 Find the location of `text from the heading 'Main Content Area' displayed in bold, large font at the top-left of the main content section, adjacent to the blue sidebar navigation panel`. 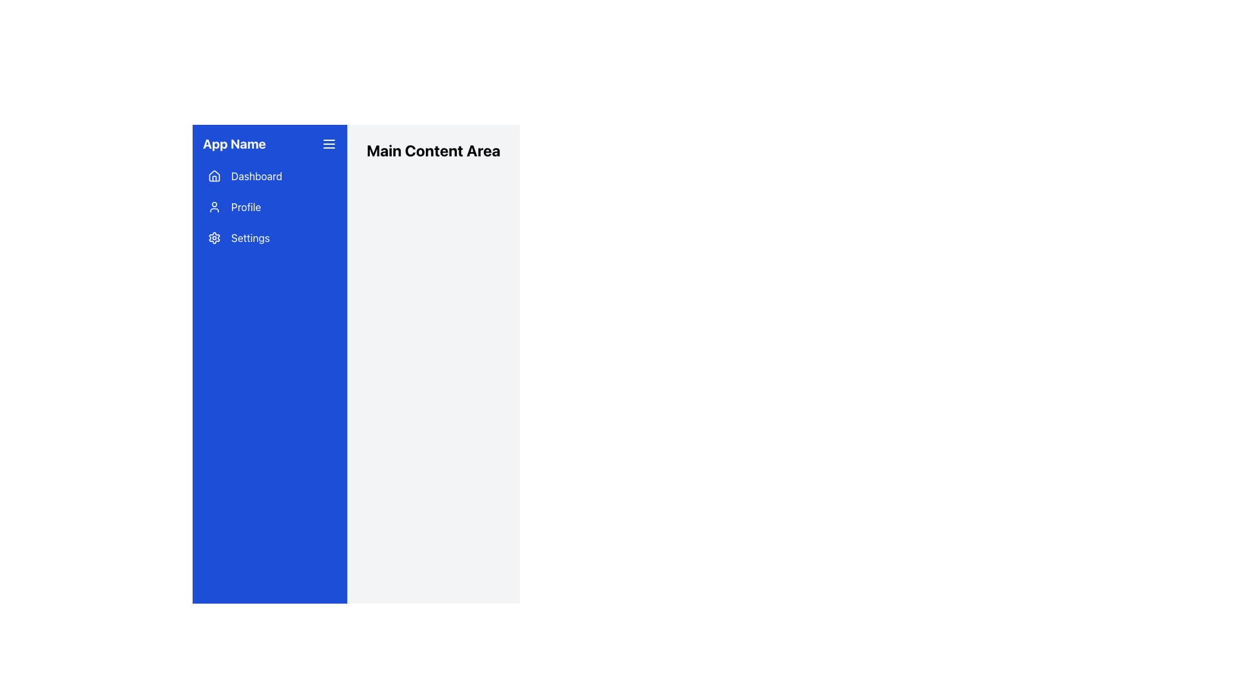

text from the heading 'Main Content Area' displayed in bold, large font at the top-left of the main content section, adjacent to the blue sidebar navigation panel is located at coordinates (433, 150).